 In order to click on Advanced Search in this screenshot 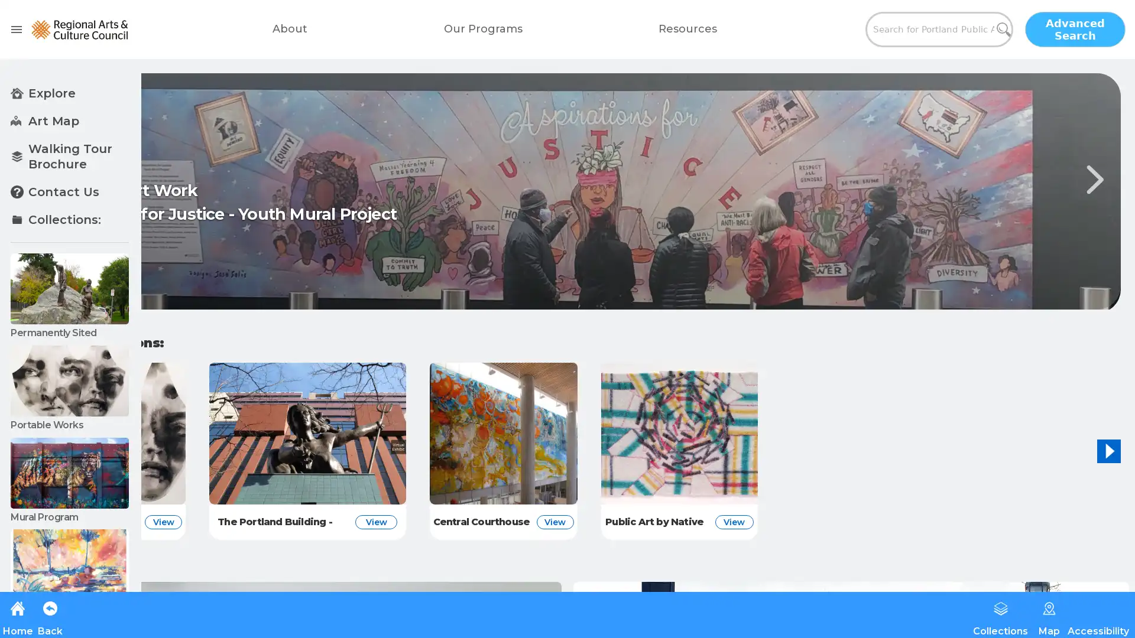, I will do `click(1075, 29)`.